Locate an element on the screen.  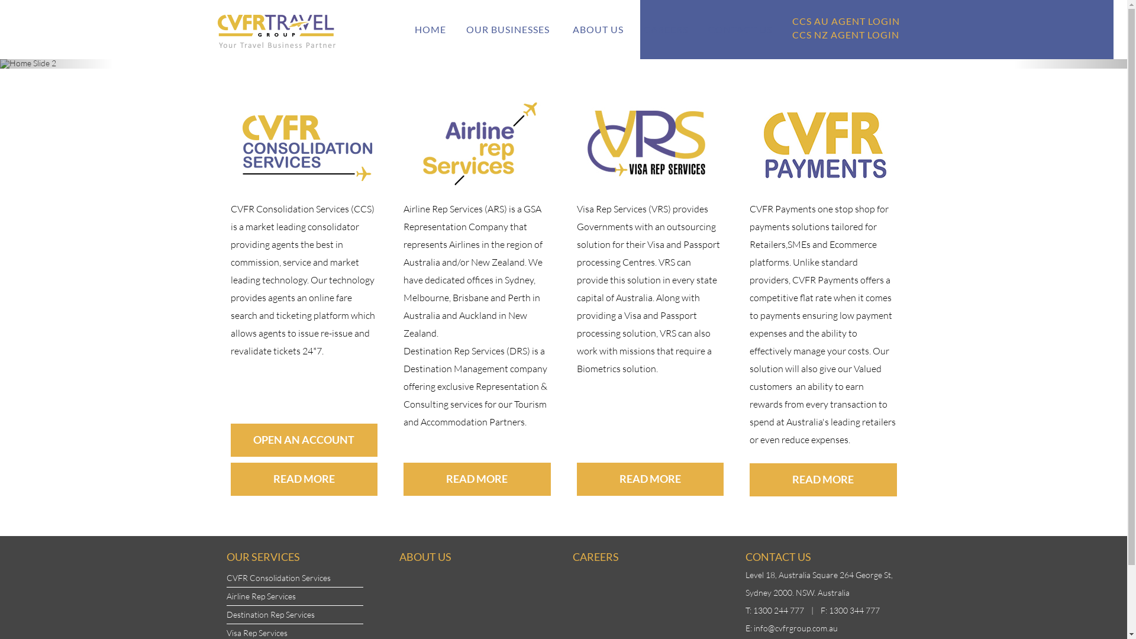
'OUR BUSINESSES' is located at coordinates (508, 29).